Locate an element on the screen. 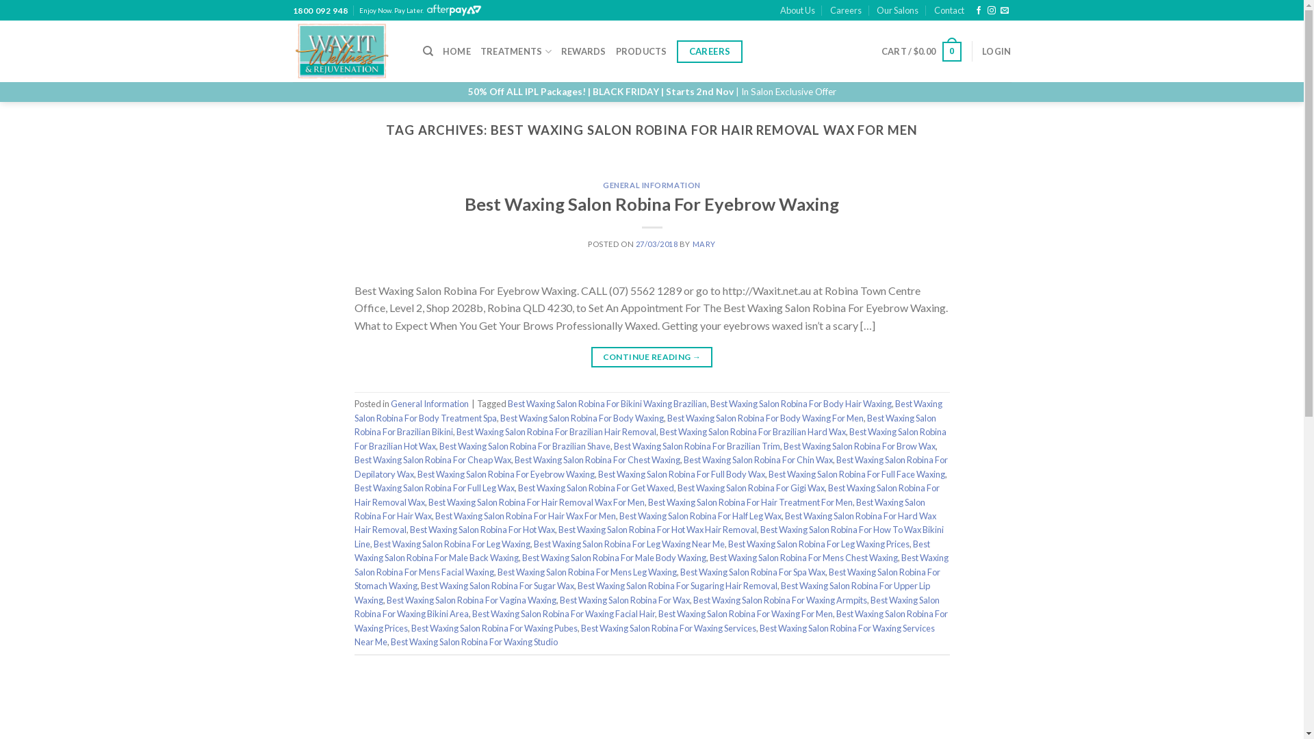 This screenshot has width=1314, height=739. 'HOME' is located at coordinates (456, 50).